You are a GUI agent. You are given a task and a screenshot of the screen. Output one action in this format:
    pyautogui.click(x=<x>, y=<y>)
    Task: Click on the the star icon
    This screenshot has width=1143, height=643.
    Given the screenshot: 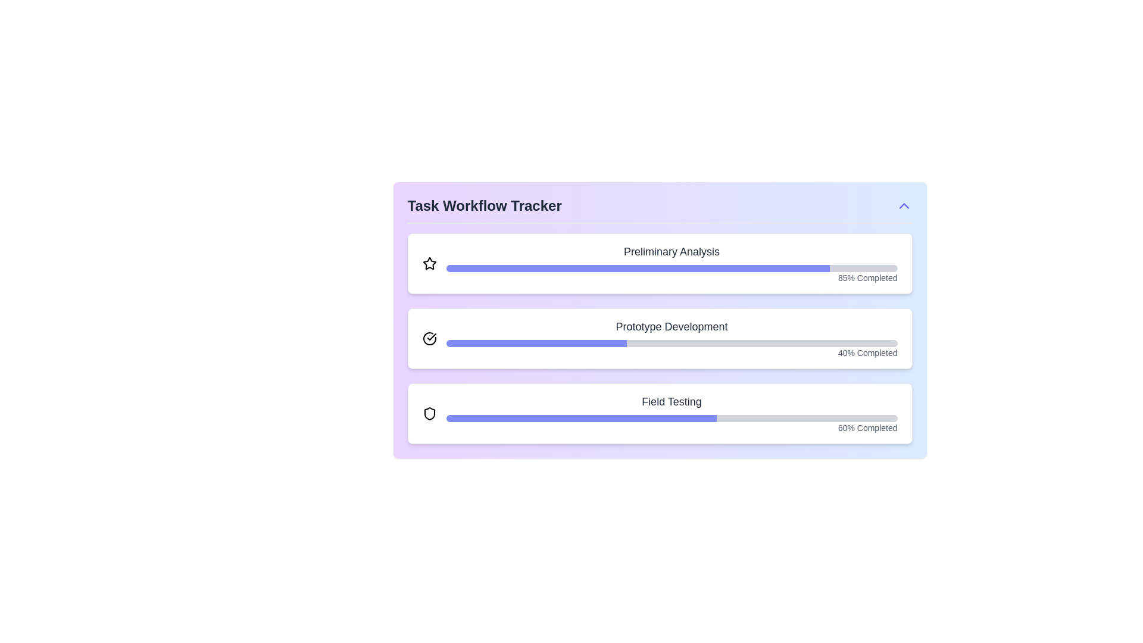 What is the action you would take?
    pyautogui.click(x=429, y=263)
    